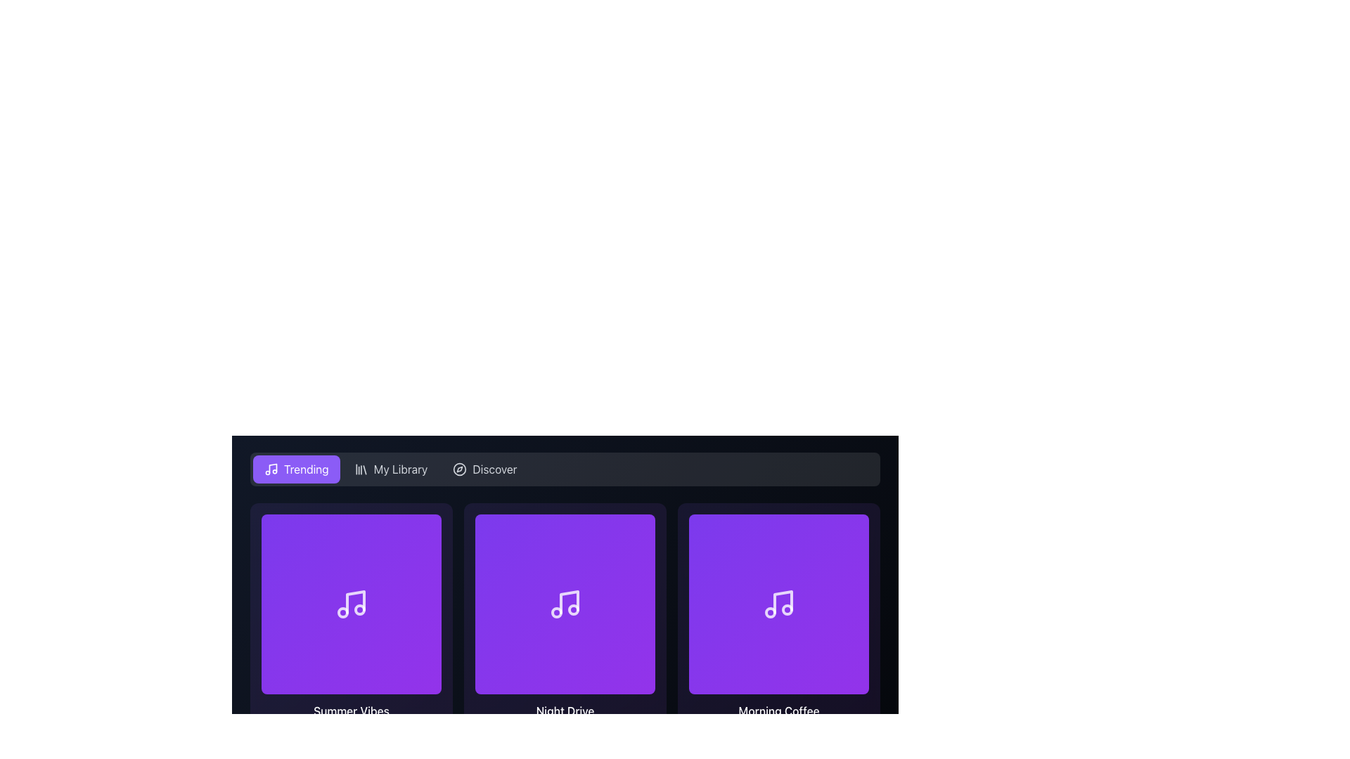  I want to click on the 'My Library' button, which is the middle button in a row of three navigation buttons, so click(391, 469).